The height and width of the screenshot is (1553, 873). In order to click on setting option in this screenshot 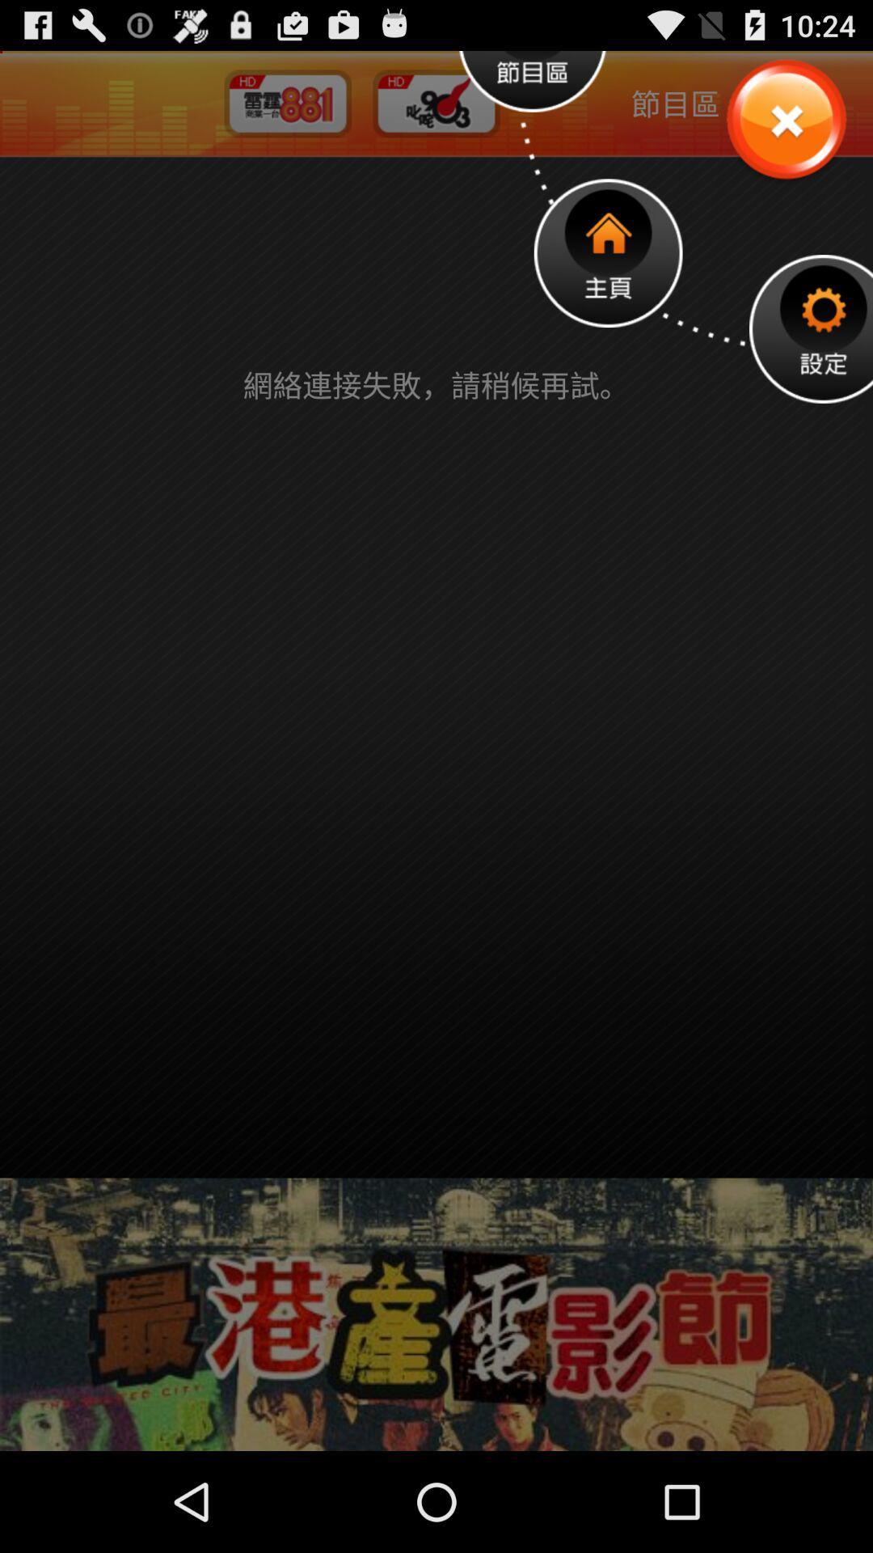, I will do `click(811, 328)`.